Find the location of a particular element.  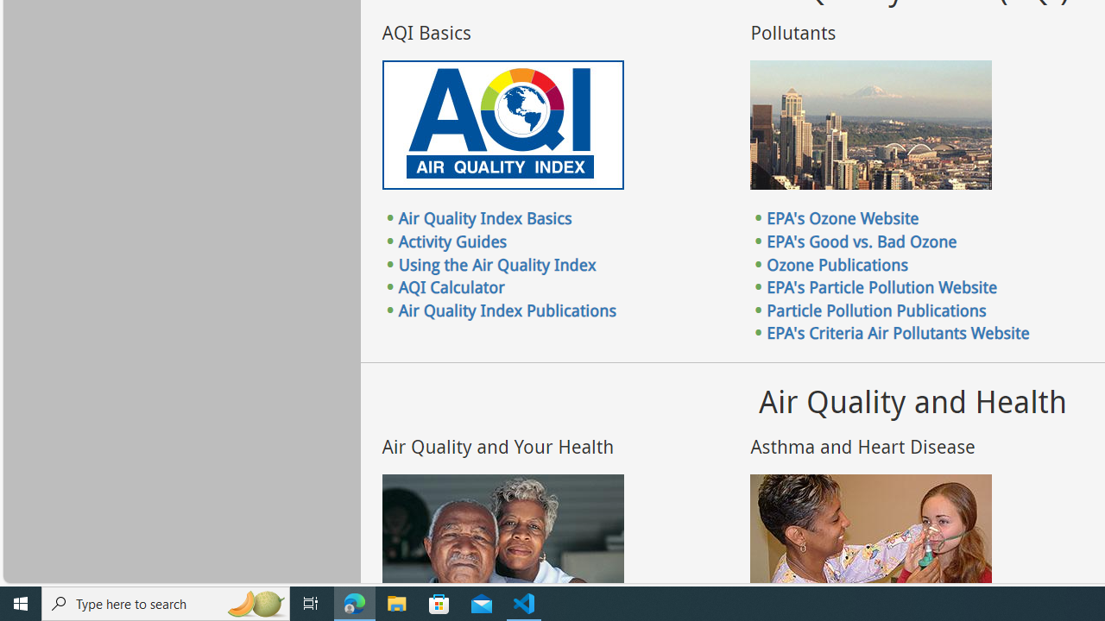

'Ozone Publications' is located at coordinates (837, 264).